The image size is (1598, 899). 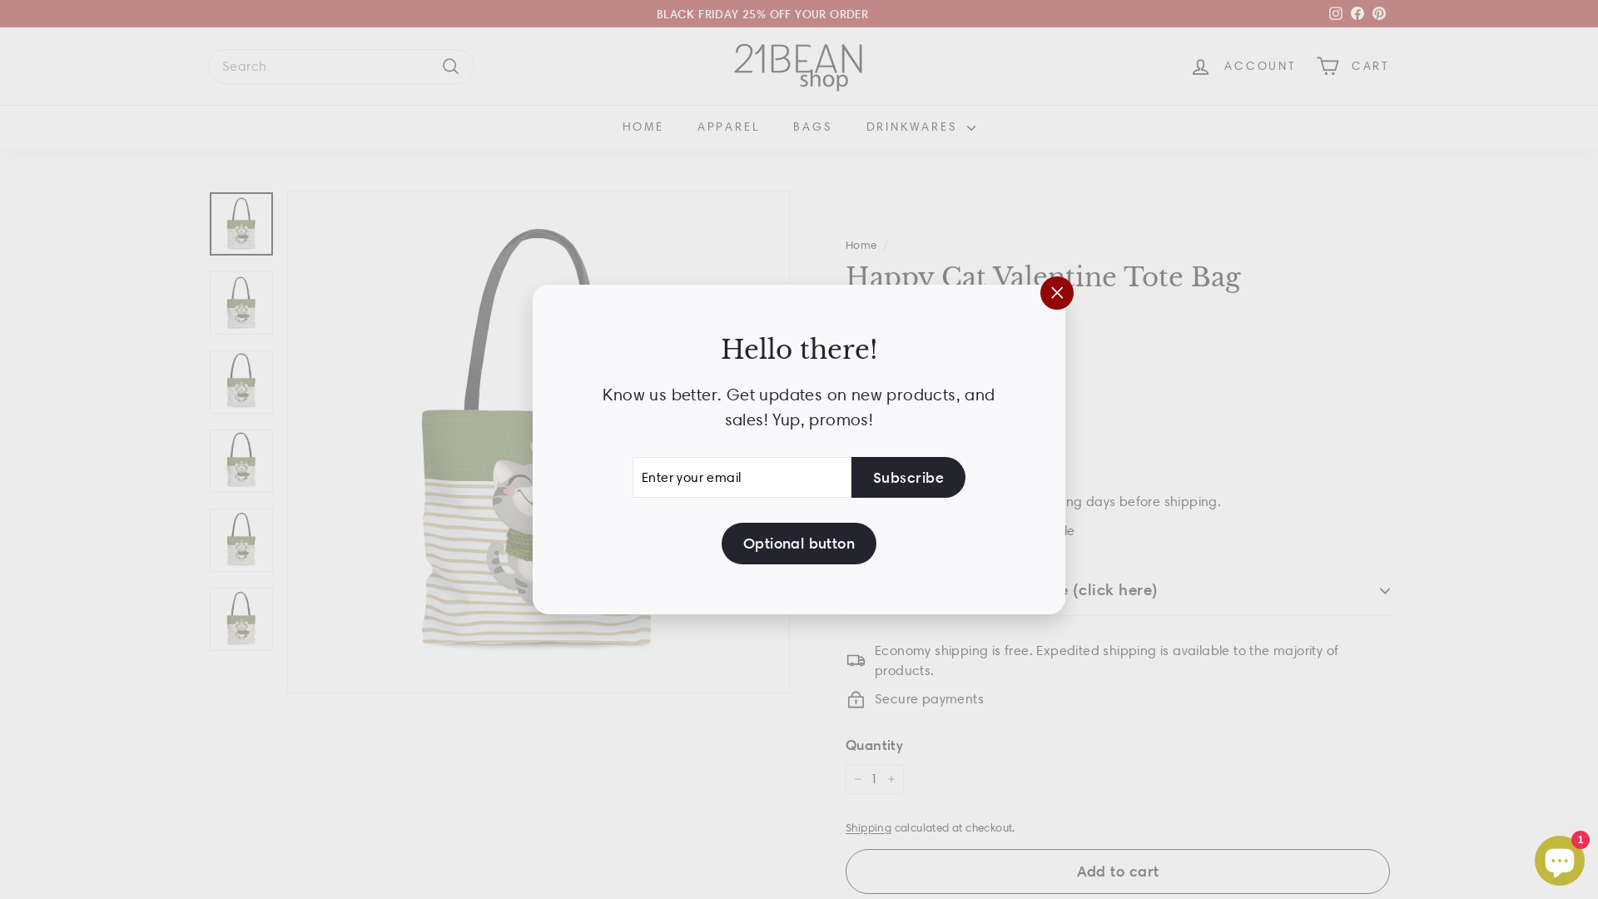 I want to click on 'Optional button', so click(x=799, y=543).